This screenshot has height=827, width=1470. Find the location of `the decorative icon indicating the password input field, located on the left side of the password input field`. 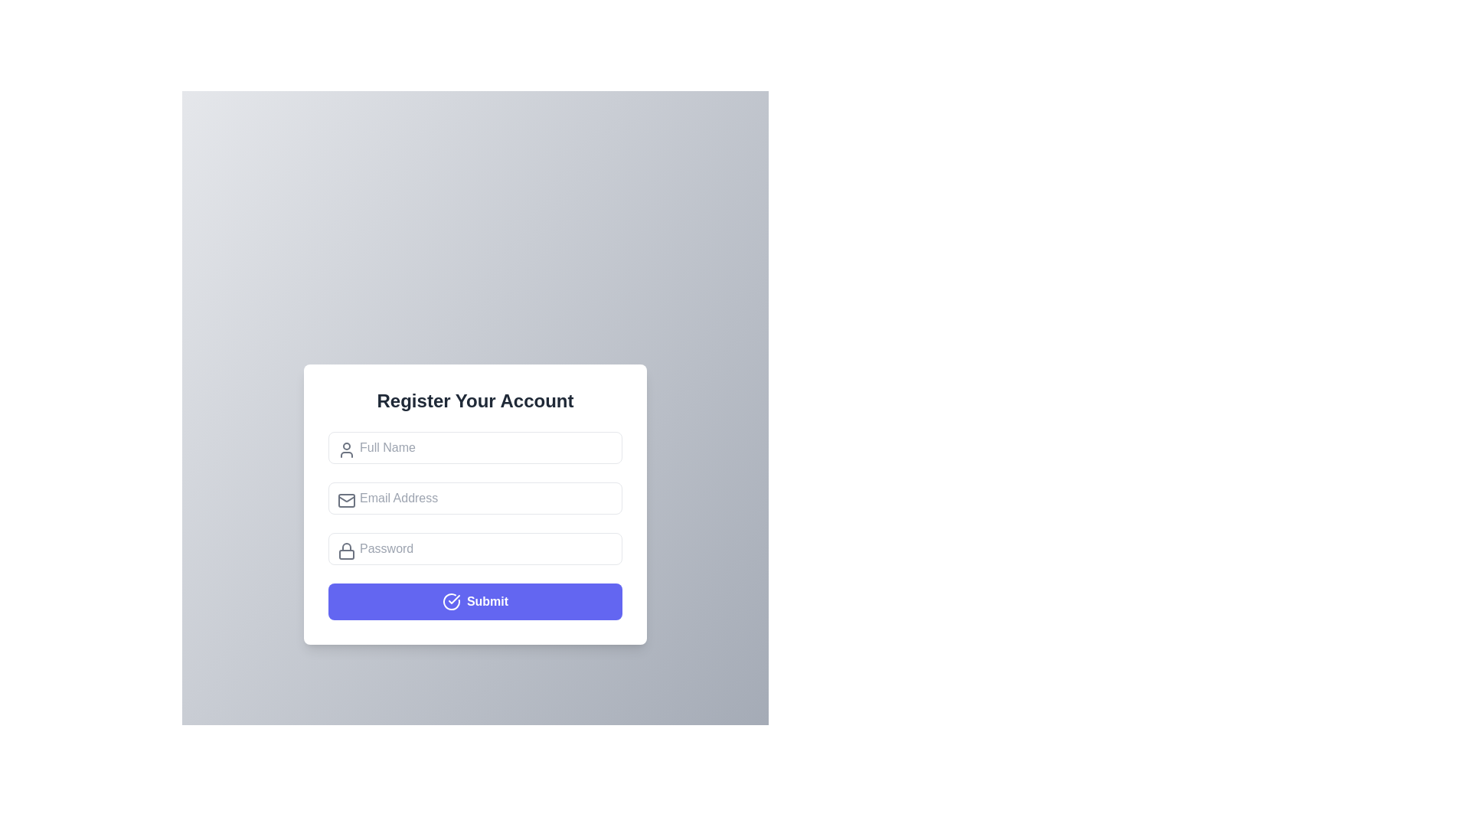

the decorative icon indicating the password input field, located on the left side of the password input field is located at coordinates (345, 545).